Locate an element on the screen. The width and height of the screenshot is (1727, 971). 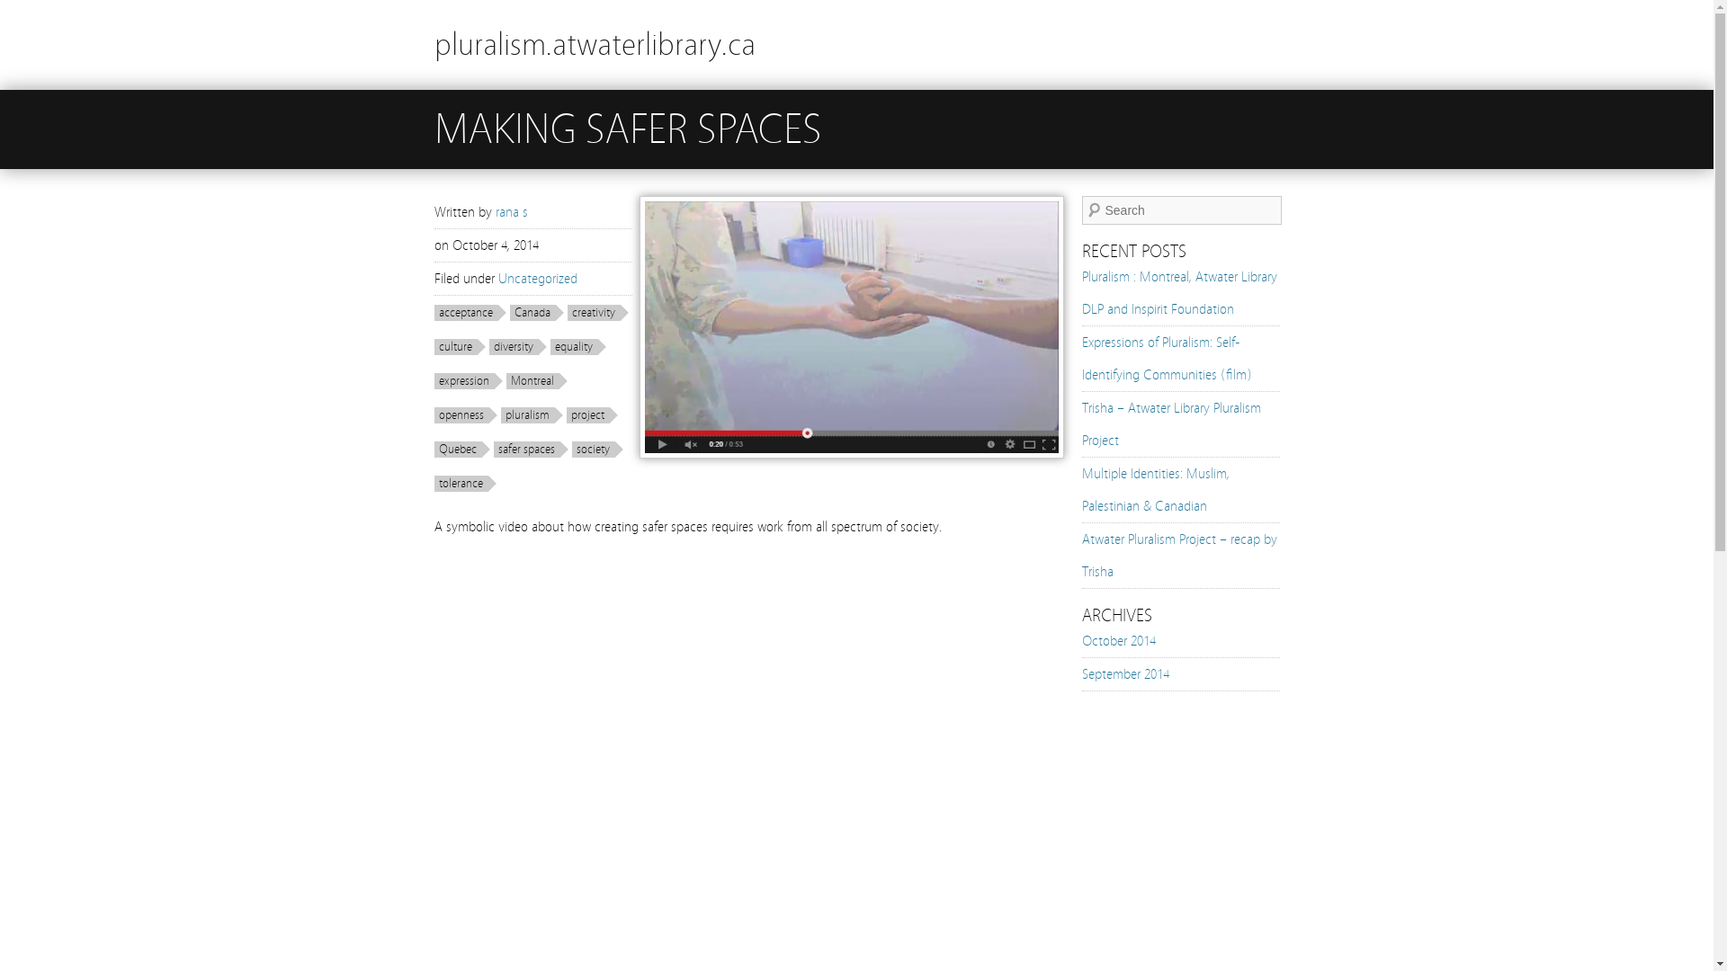
'tolerance' is located at coordinates (464, 482).